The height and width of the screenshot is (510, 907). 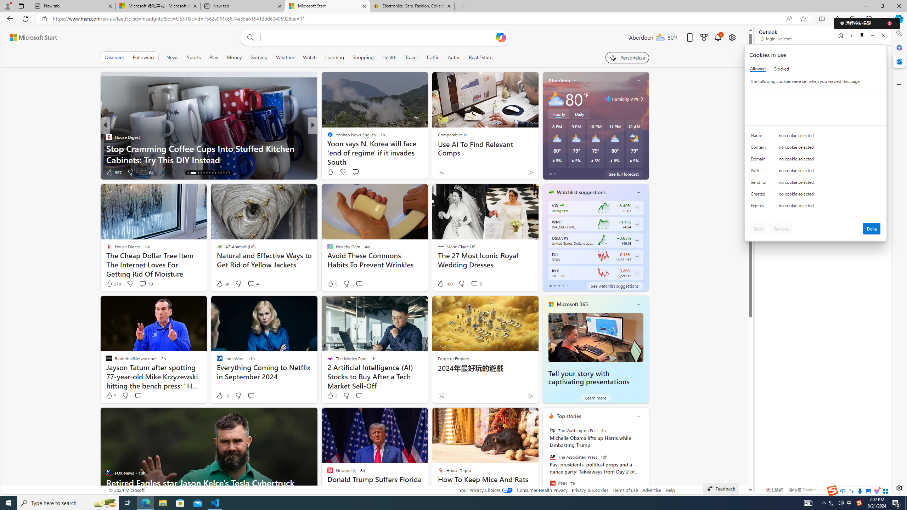 What do you see at coordinates (329, 172) in the screenshot?
I see `'6 Like'` at bounding box center [329, 172].